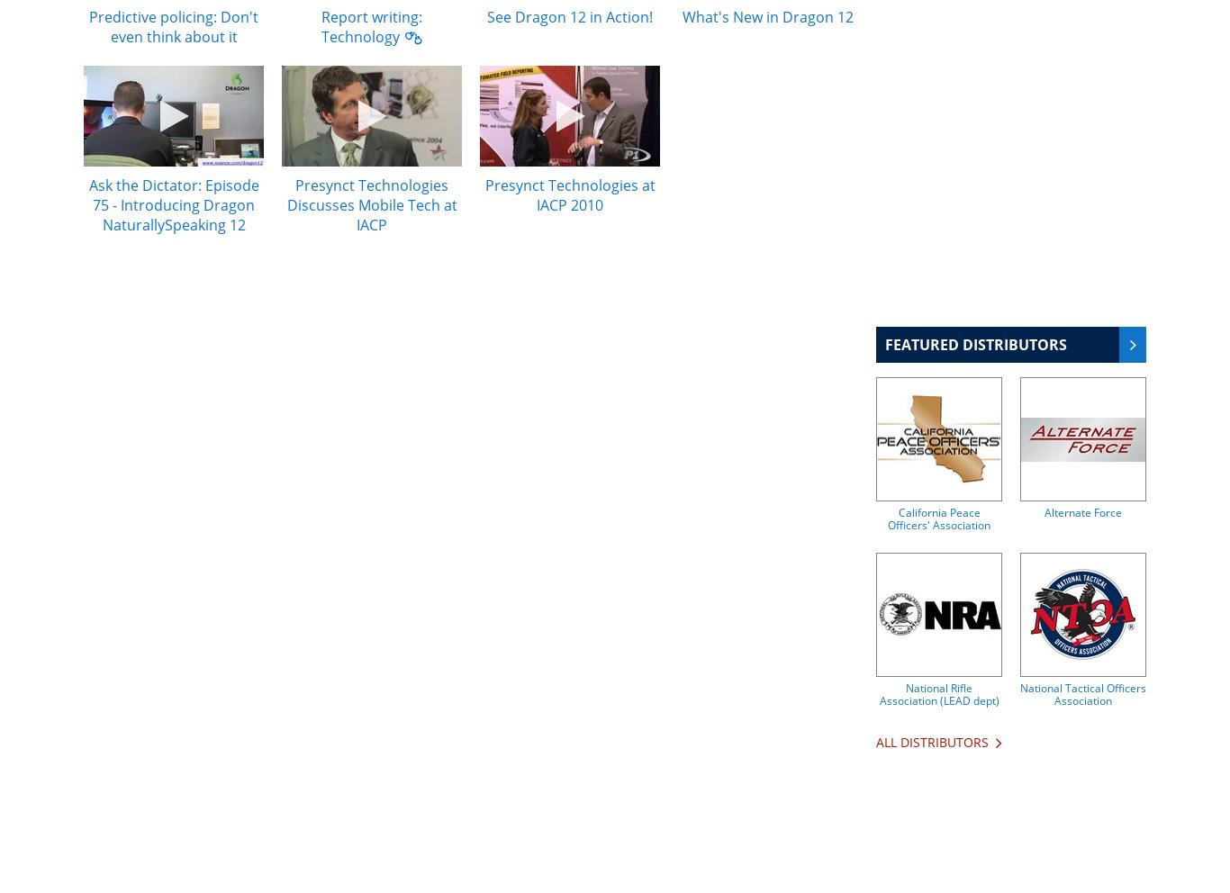 The height and width of the screenshot is (893, 1230). What do you see at coordinates (173, 25) in the screenshot?
I see `'Predictive policing: Don't even think about it'` at bounding box center [173, 25].